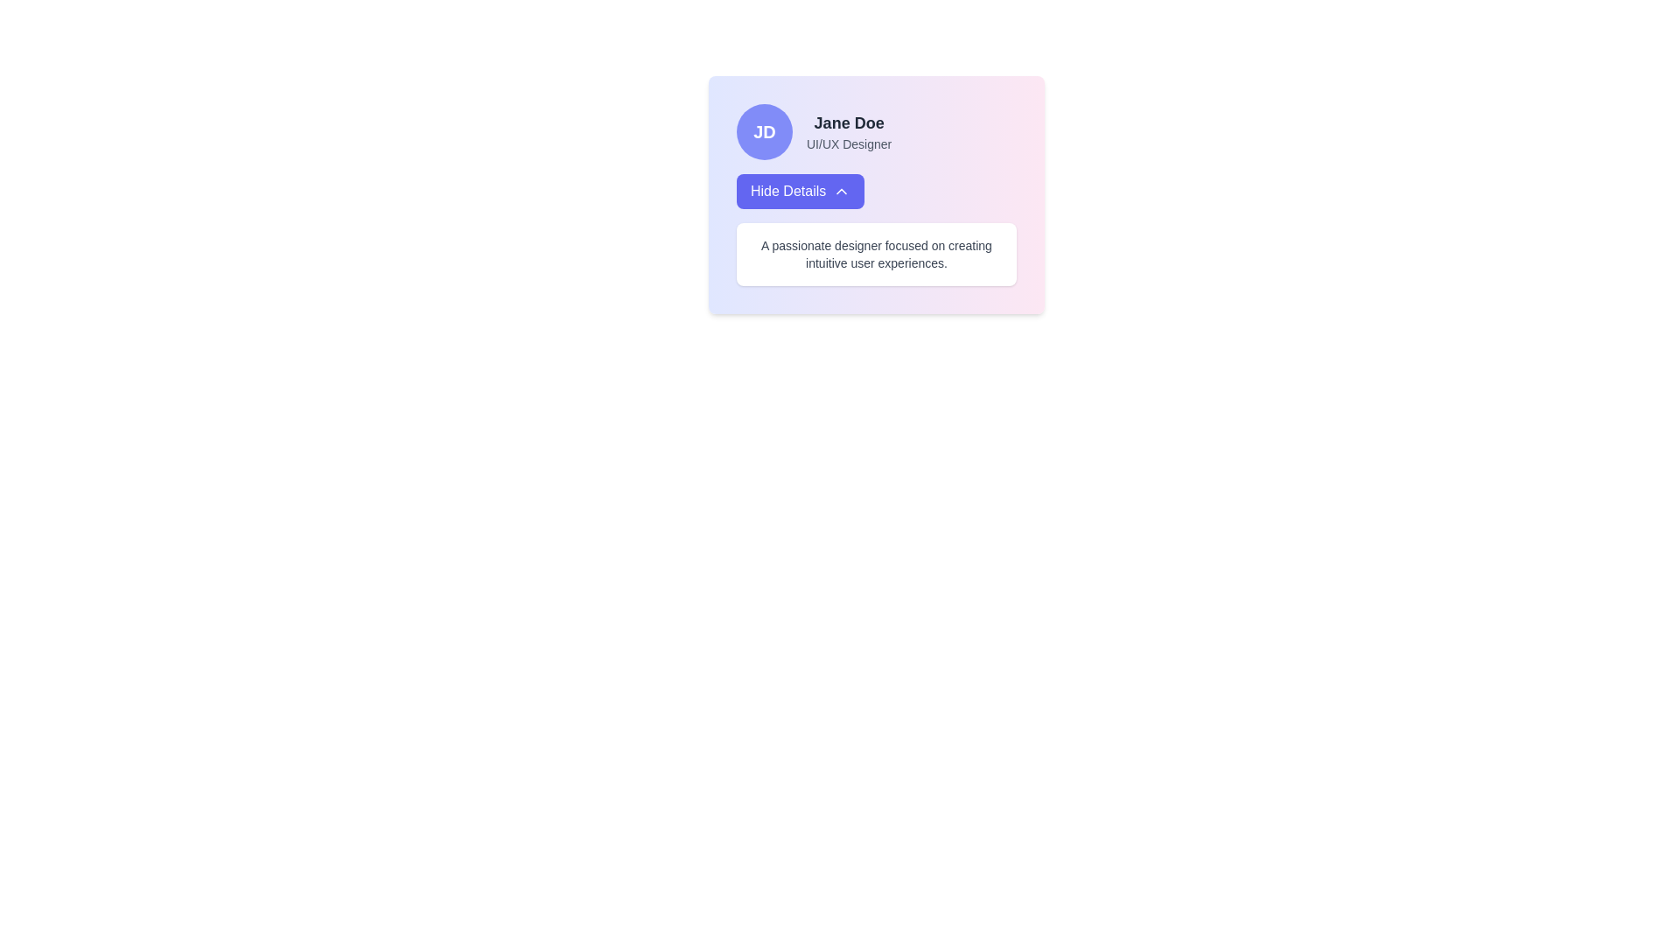 This screenshot has width=1680, height=945. What do you see at coordinates (849, 143) in the screenshot?
I see `the text label indicating the professional title or role associated with the profile of 'Jane Doe', which is centrally aligned below her name within the profile card` at bounding box center [849, 143].